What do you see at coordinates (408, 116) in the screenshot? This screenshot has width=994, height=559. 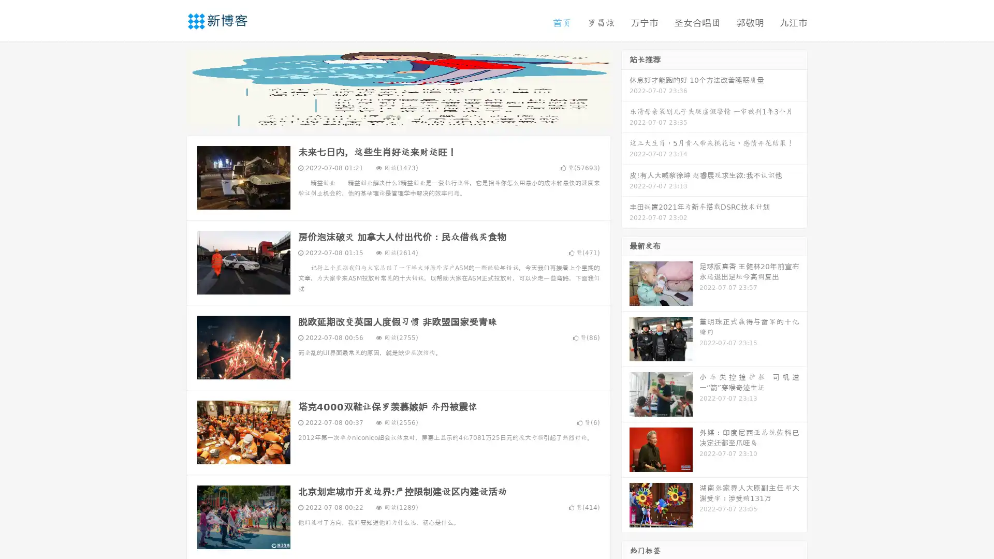 I see `Go to slide 3` at bounding box center [408, 116].